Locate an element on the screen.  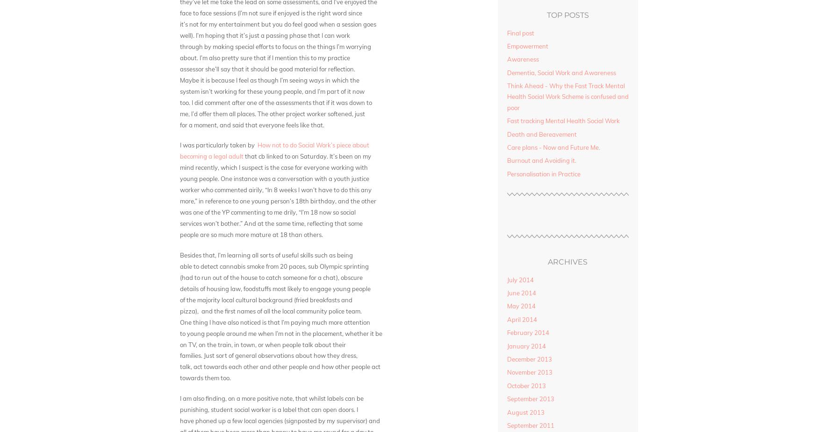
'punishing, student social worker is a label that can open doors. I' is located at coordinates (269, 409).